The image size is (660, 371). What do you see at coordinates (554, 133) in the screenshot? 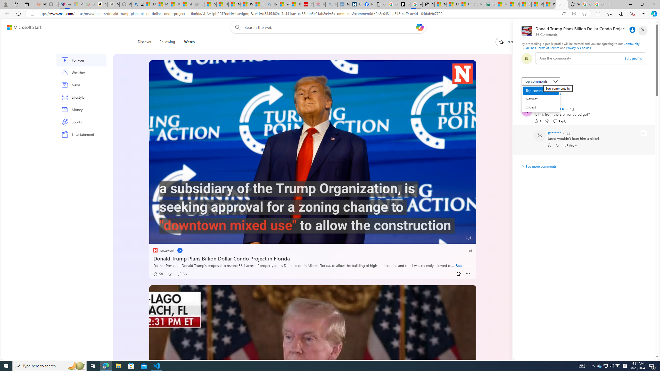
I see `'R*******'` at bounding box center [554, 133].